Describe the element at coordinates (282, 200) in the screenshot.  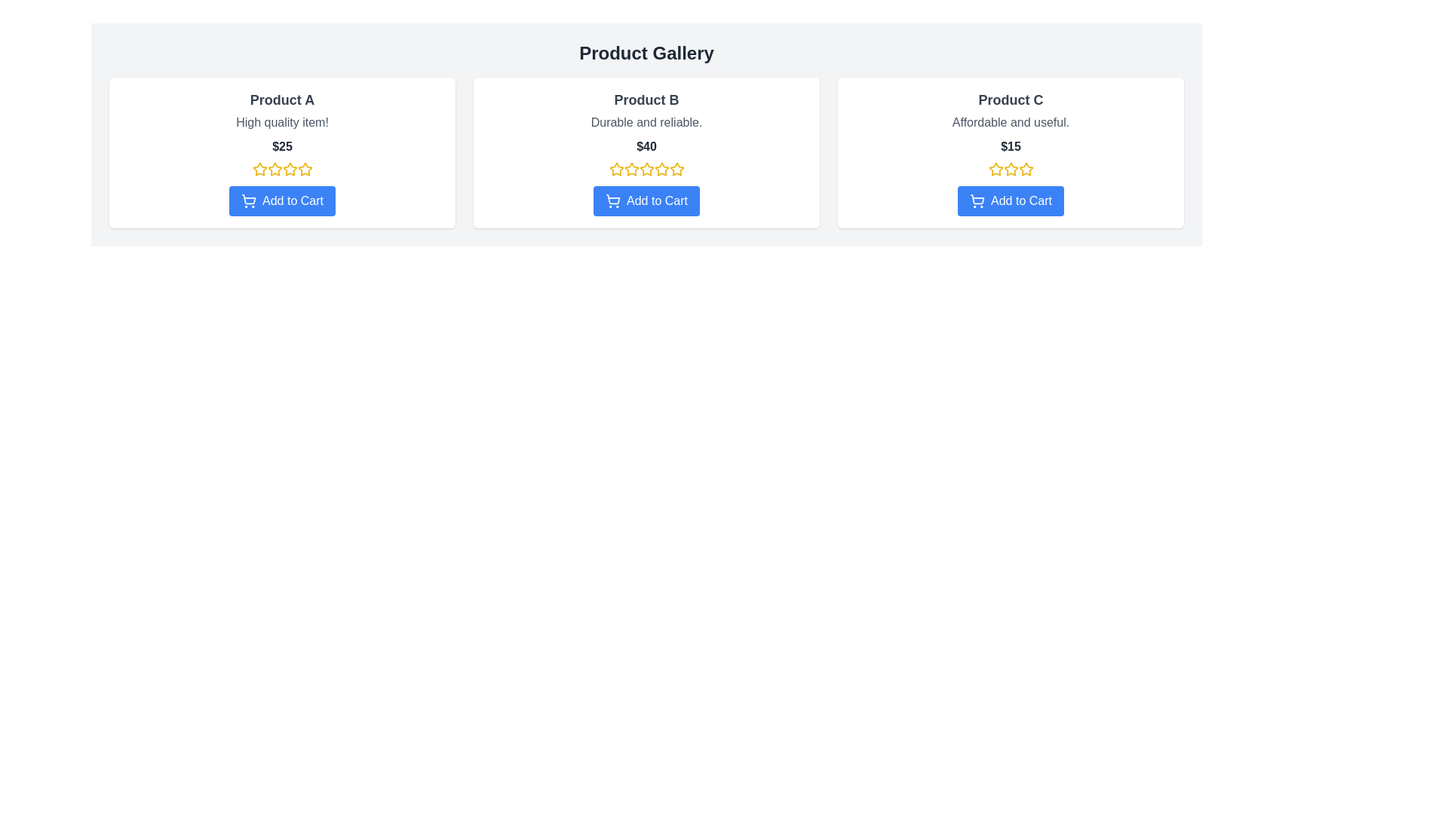
I see `the 'Add Product A to Cart' button located at the bottom of the product card, beneath the star rating section` at that location.